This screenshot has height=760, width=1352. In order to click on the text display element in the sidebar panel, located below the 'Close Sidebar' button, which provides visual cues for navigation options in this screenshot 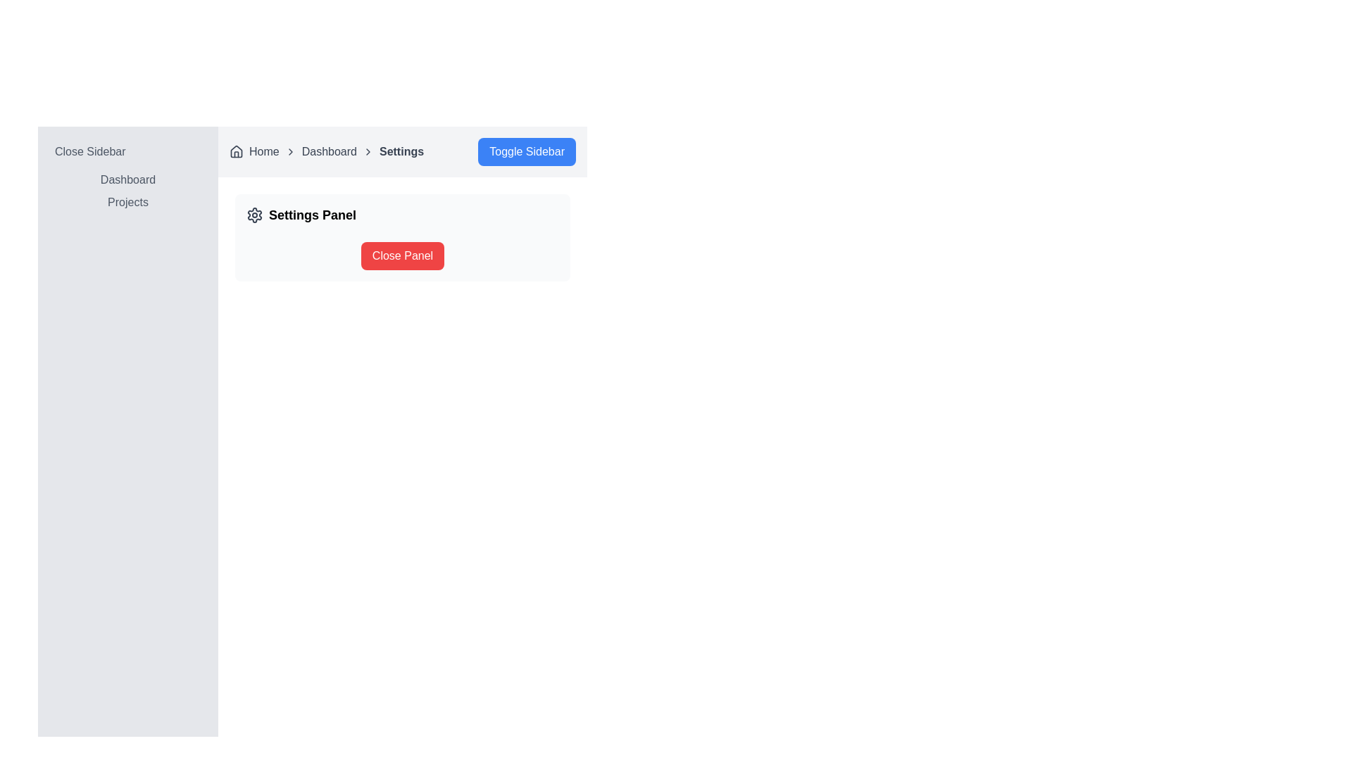, I will do `click(128, 191)`.